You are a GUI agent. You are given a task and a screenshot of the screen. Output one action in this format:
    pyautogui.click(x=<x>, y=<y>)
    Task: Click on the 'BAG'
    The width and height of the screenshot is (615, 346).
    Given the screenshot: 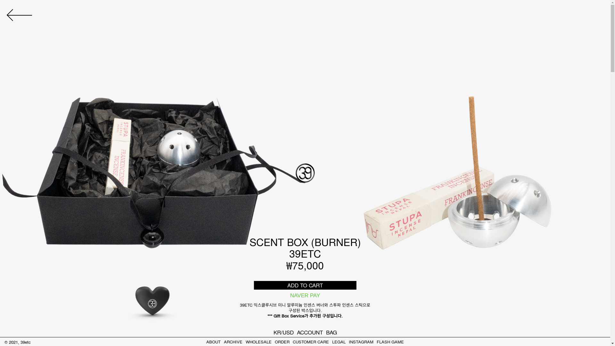 What is the action you would take?
    pyautogui.click(x=332, y=332)
    